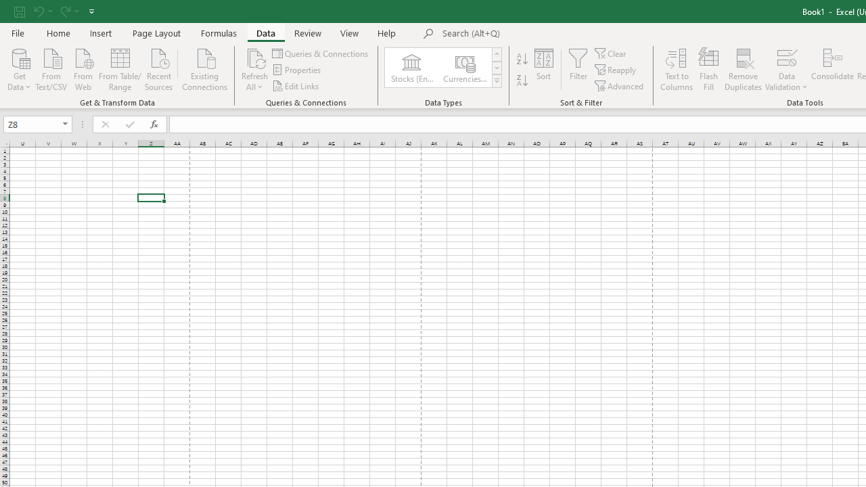 This screenshot has height=487, width=866. What do you see at coordinates (831, 70) in the screenshot?
I see `'Consolidate...'` at bounding box center [831, 70].